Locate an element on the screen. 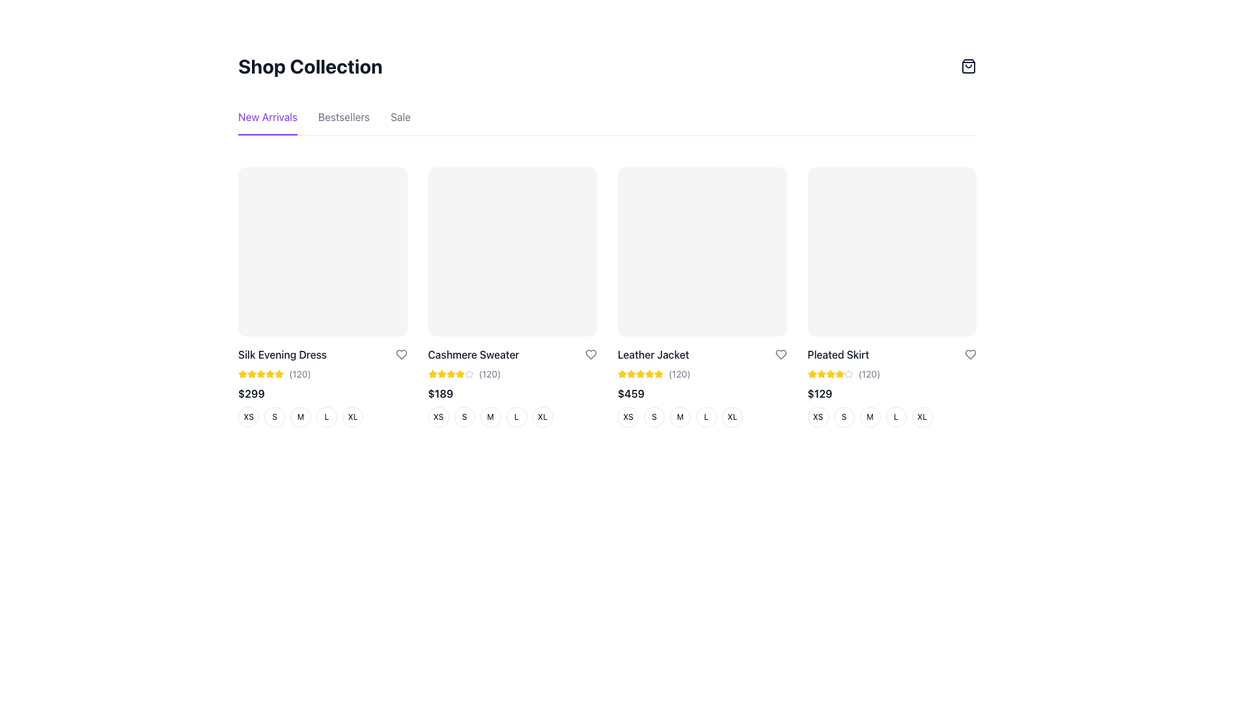 The image size is (1250, 703). the 'New Arrivals' text link located above the violet horizontal active state bar is located at coordinates (267, 121).